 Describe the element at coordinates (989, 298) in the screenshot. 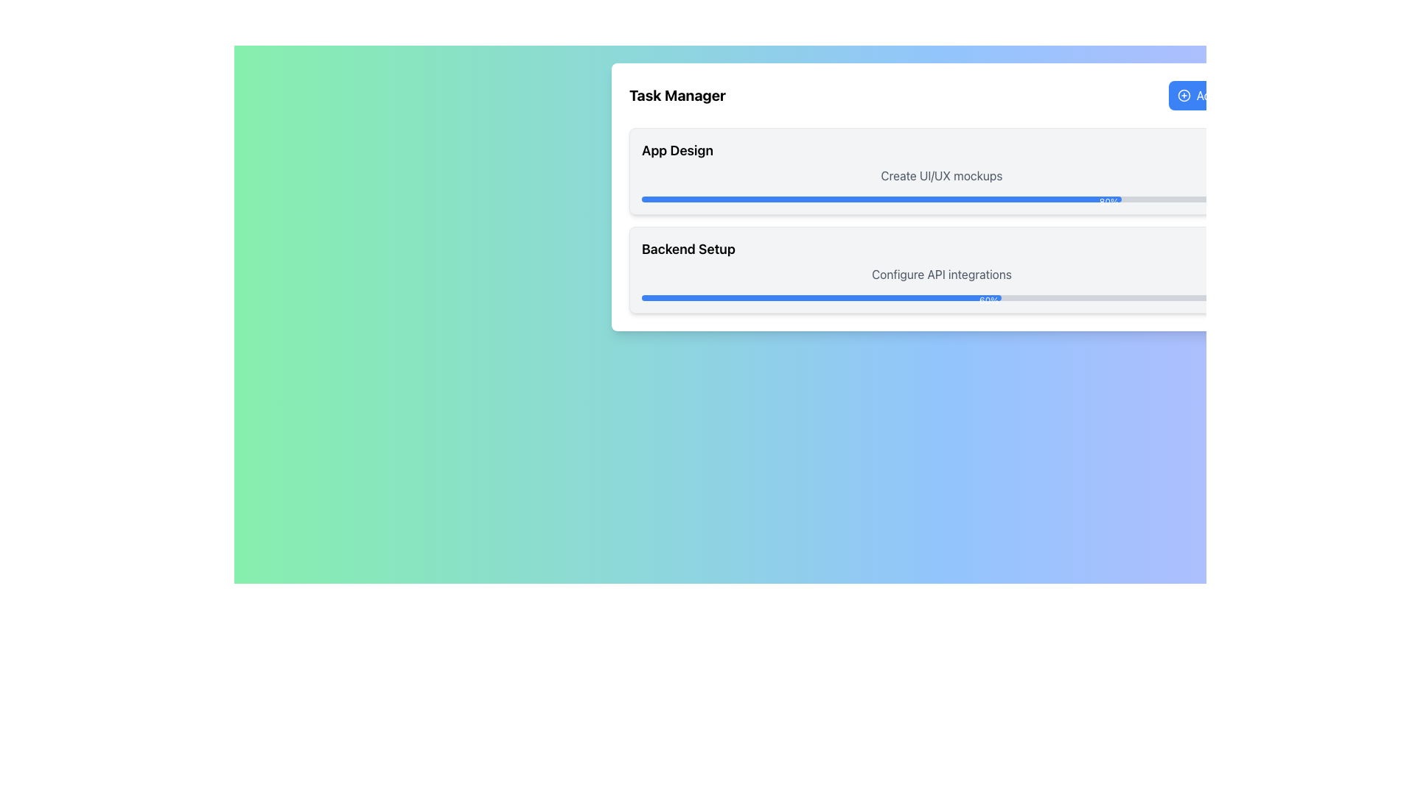

I see `the Text Label that indicates the progress at '60%' completion, located at the right end of the second progress bar` at that location.